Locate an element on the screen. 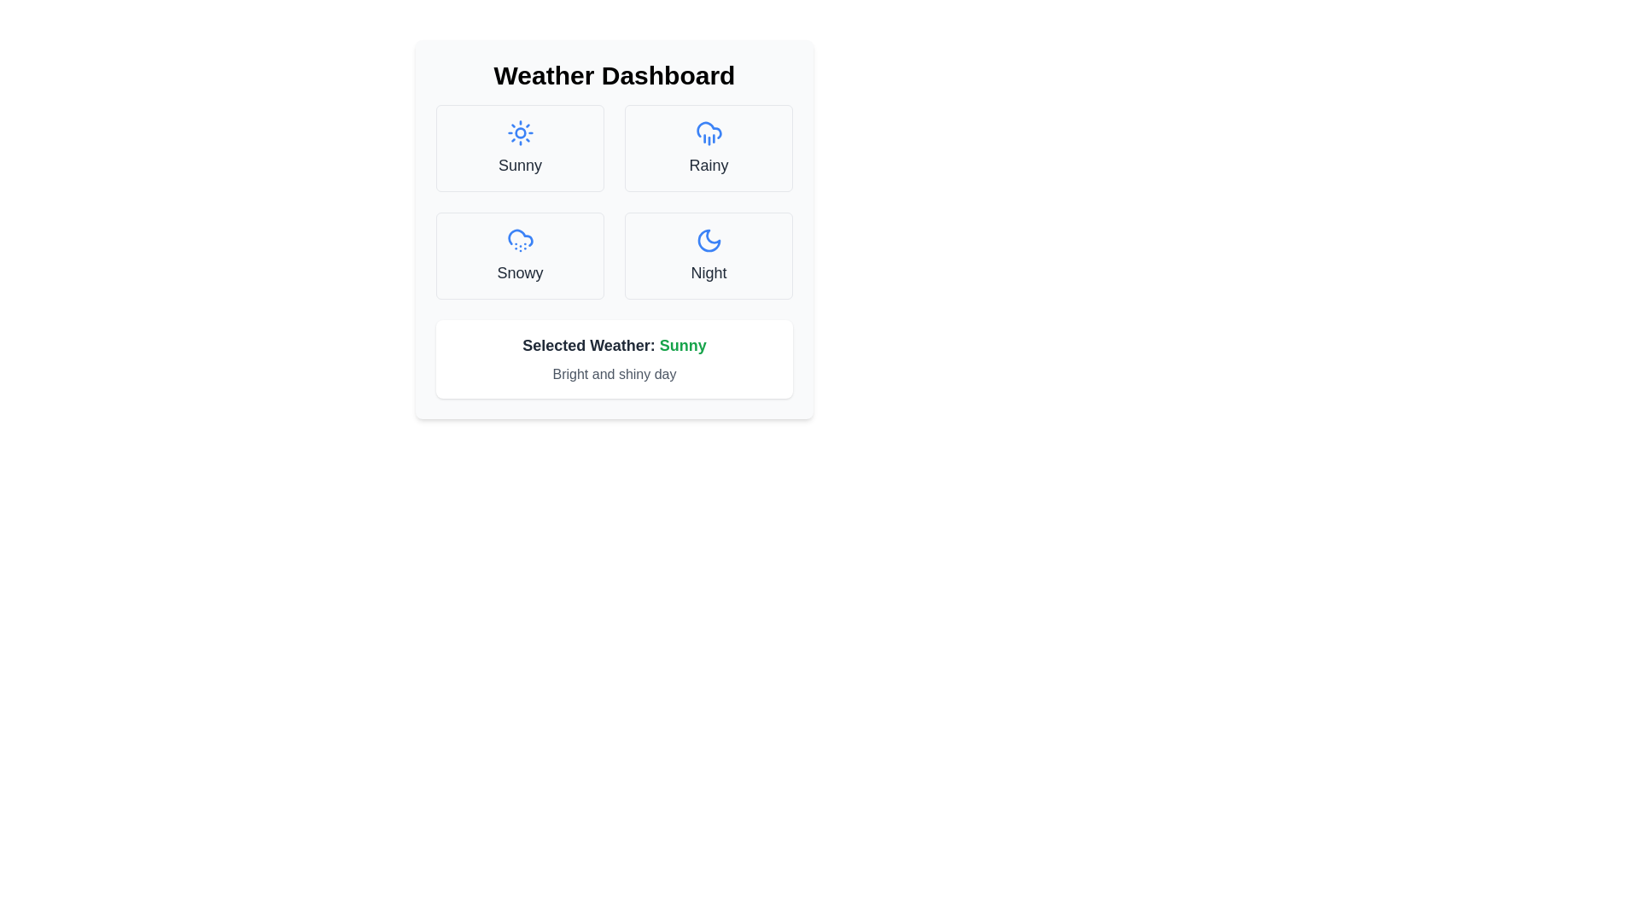  the 'Snowy' weather option text, which is styled in bold gray font and located in the bottom-left of the weather selection grid is located at coordinates (519, 272).